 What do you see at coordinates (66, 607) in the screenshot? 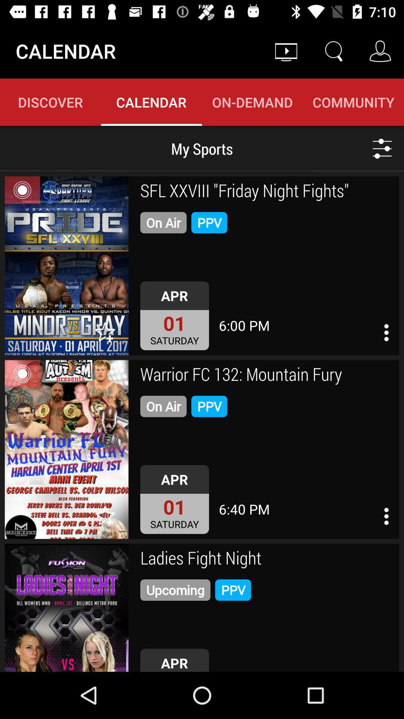
I see `ladies fight night` at bounding box center [66, 607].